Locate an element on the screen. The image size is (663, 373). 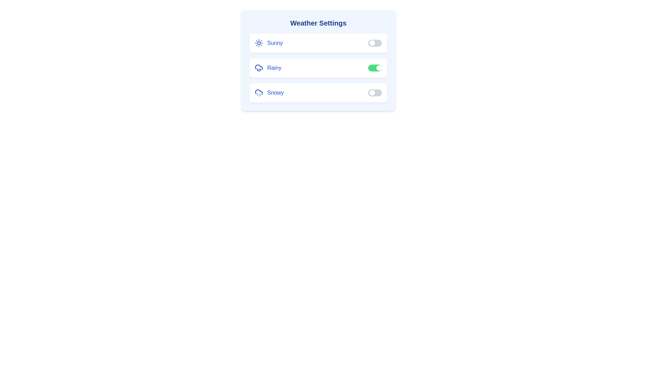
the 'Rainy' toggle option in the weather settings, which is indicated by a green toggle switch and is positioned between the 'Sunny' option above and the 'Snowy' option below is located at coordinates (318, 68).